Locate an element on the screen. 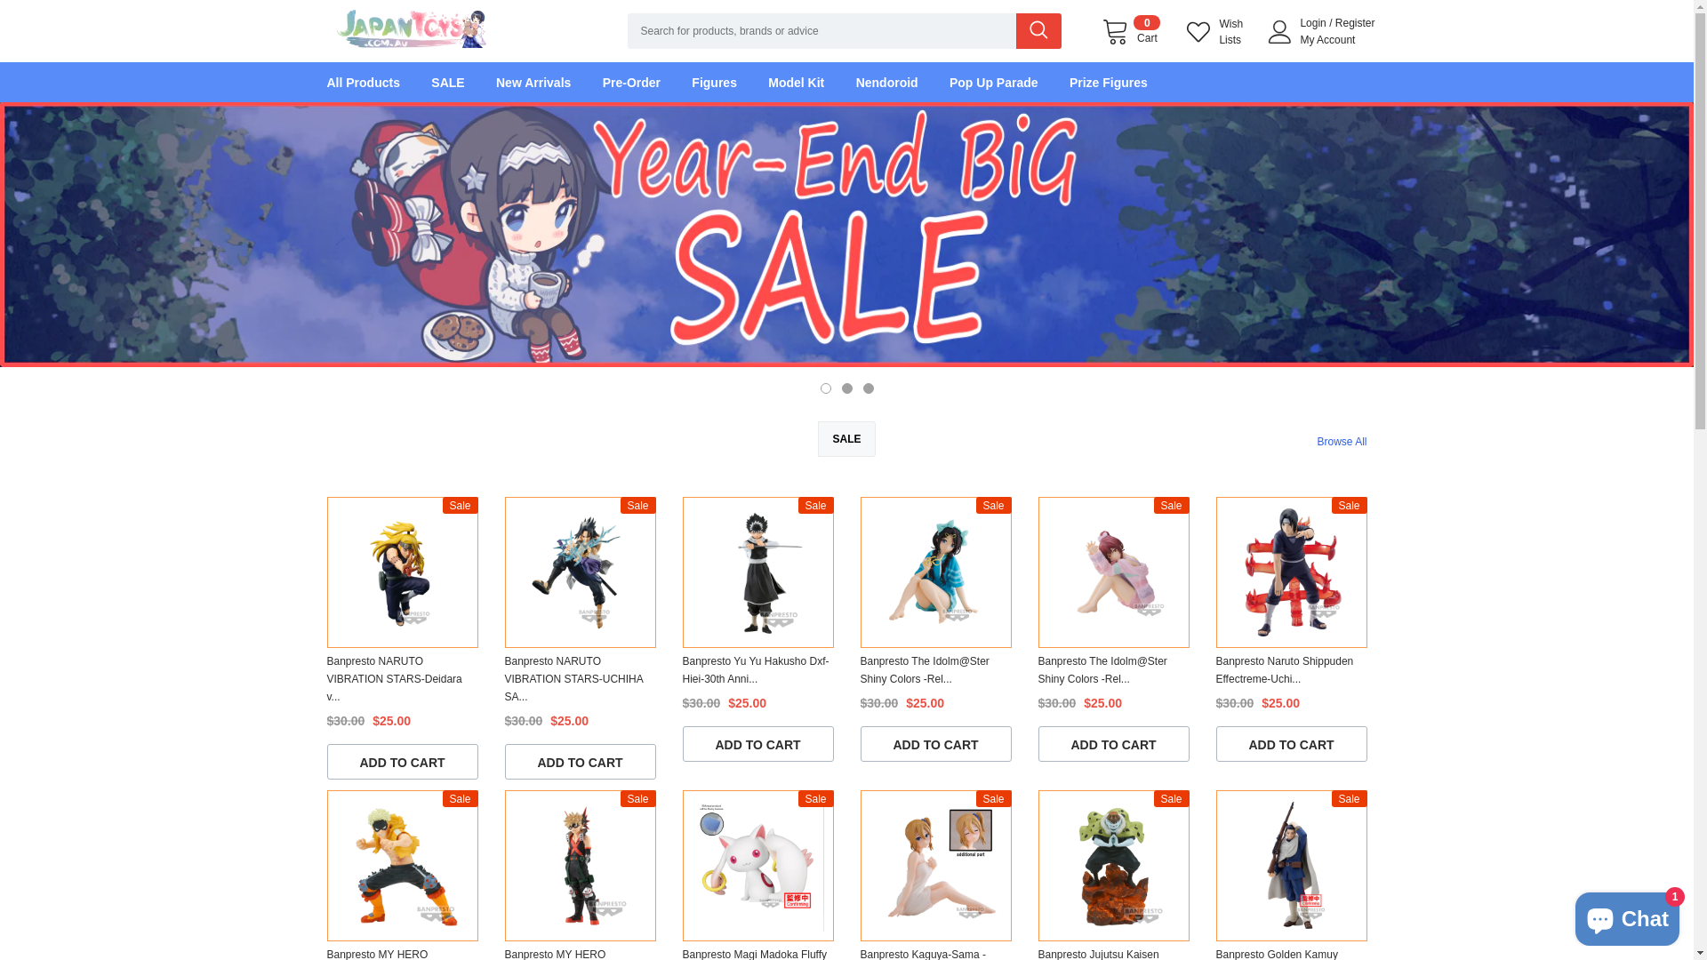 This screenshot has height=960, width=1707. 'Banpresto Yu Yu Hakusho Dxf-Hiei-30th Anni...' is located at coordinates (758, 669).